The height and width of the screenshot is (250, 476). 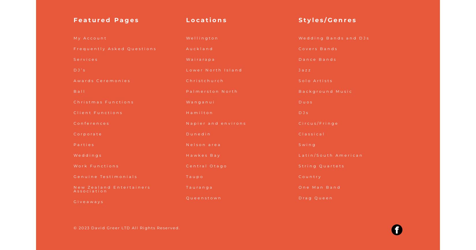 What do you see at coordinates (96, 165) in the screenshot?
I see `'Work Functions'` at bounding box center [96, 165].